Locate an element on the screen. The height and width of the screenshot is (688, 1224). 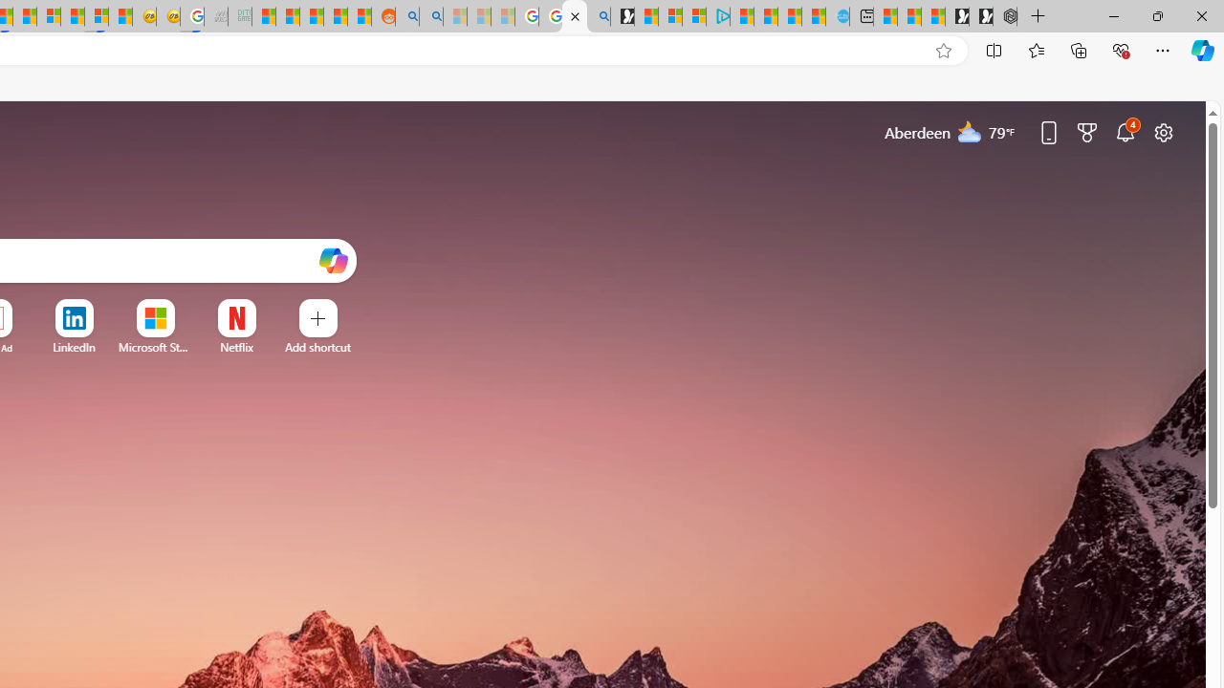
'LinkedIn' is located at coordinates (74, 347).